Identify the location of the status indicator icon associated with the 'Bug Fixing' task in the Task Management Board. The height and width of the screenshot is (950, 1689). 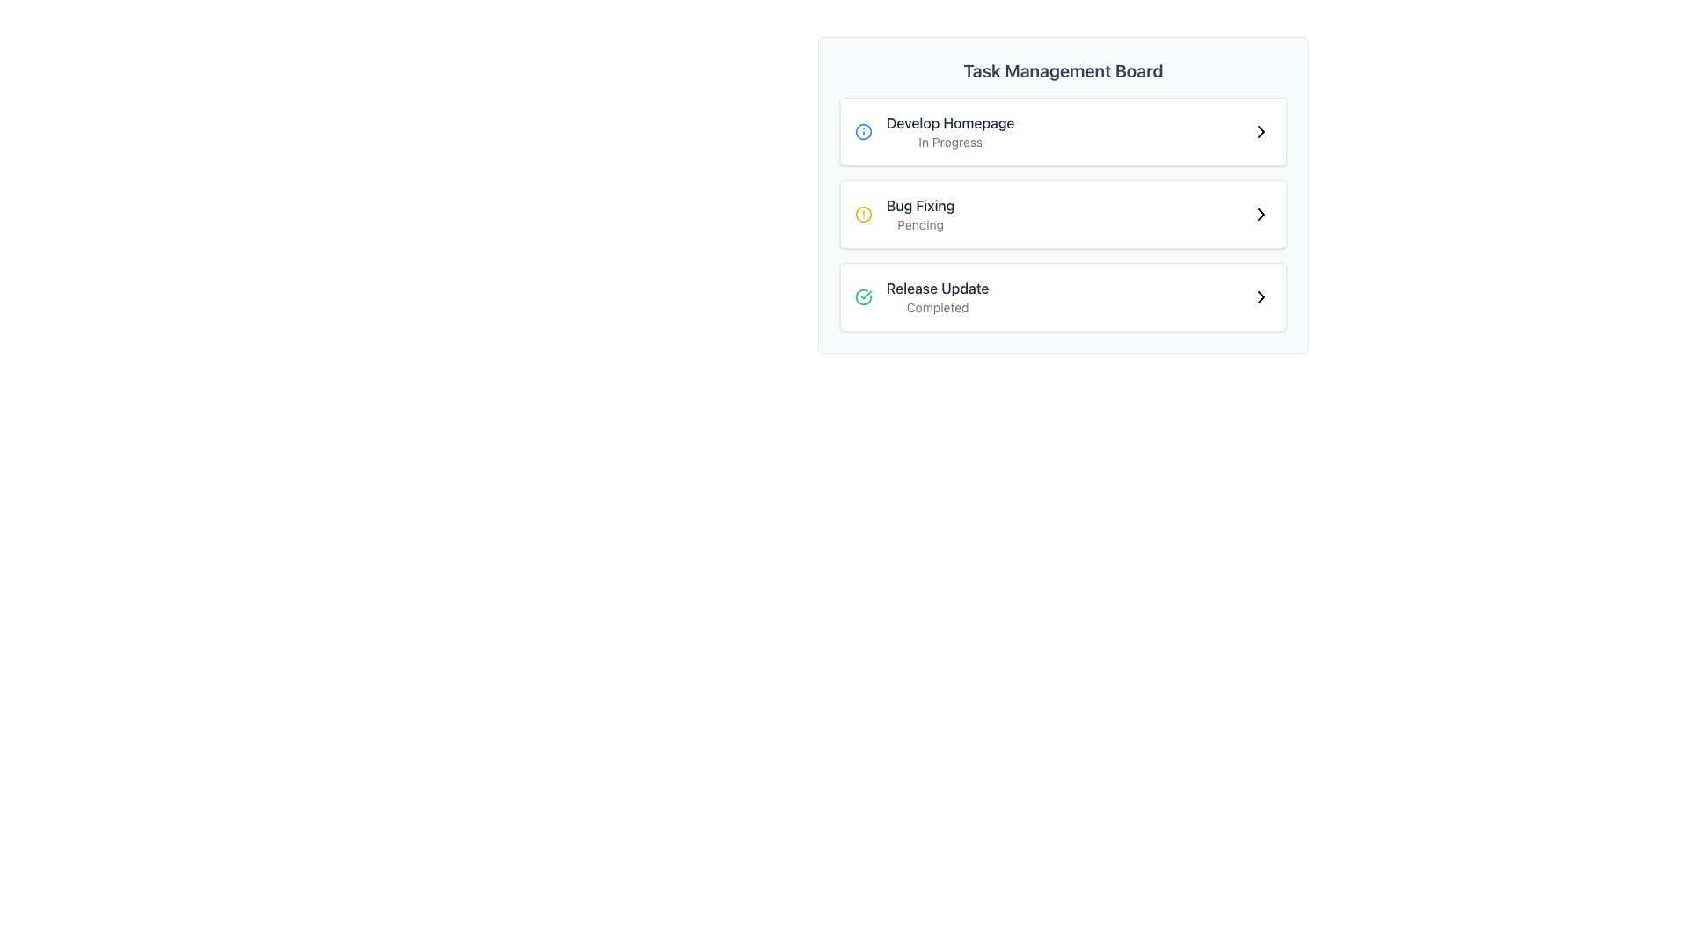
(864, 213).